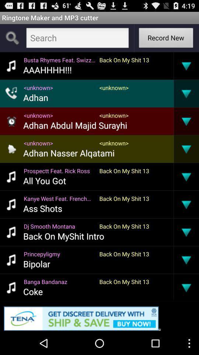 The width and height of the screenshot is (199, 355). Describe the element at coordinates (59, 281) in the screenshot. I see `the item to the left of back on my app` at that location.